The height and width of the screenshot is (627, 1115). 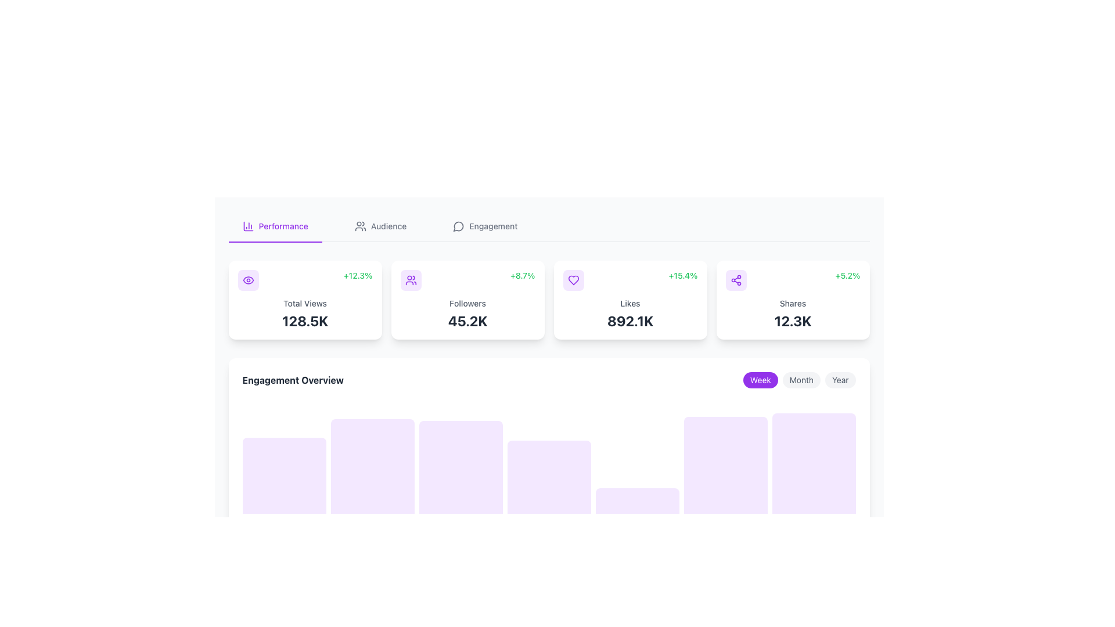 What do you see at coordinates (630, 303) in the screenshot?
I see `the text label indicating the number of likes, which is centrally aligned below a heart-shaped icon and above the figure '892.1K' in the third card of summary metrics` at bounding box center [630, 303].